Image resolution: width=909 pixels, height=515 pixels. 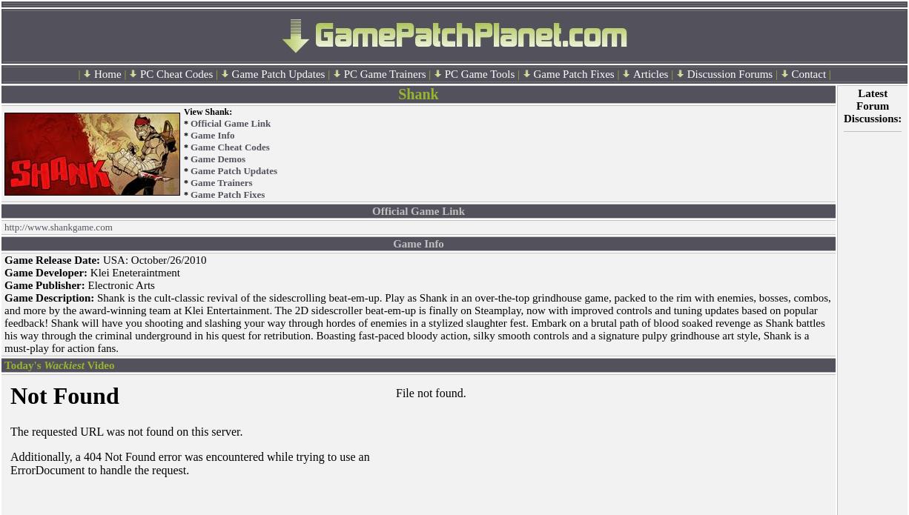 I want to click on 'Game Developer:', so click(x=46, y=272).